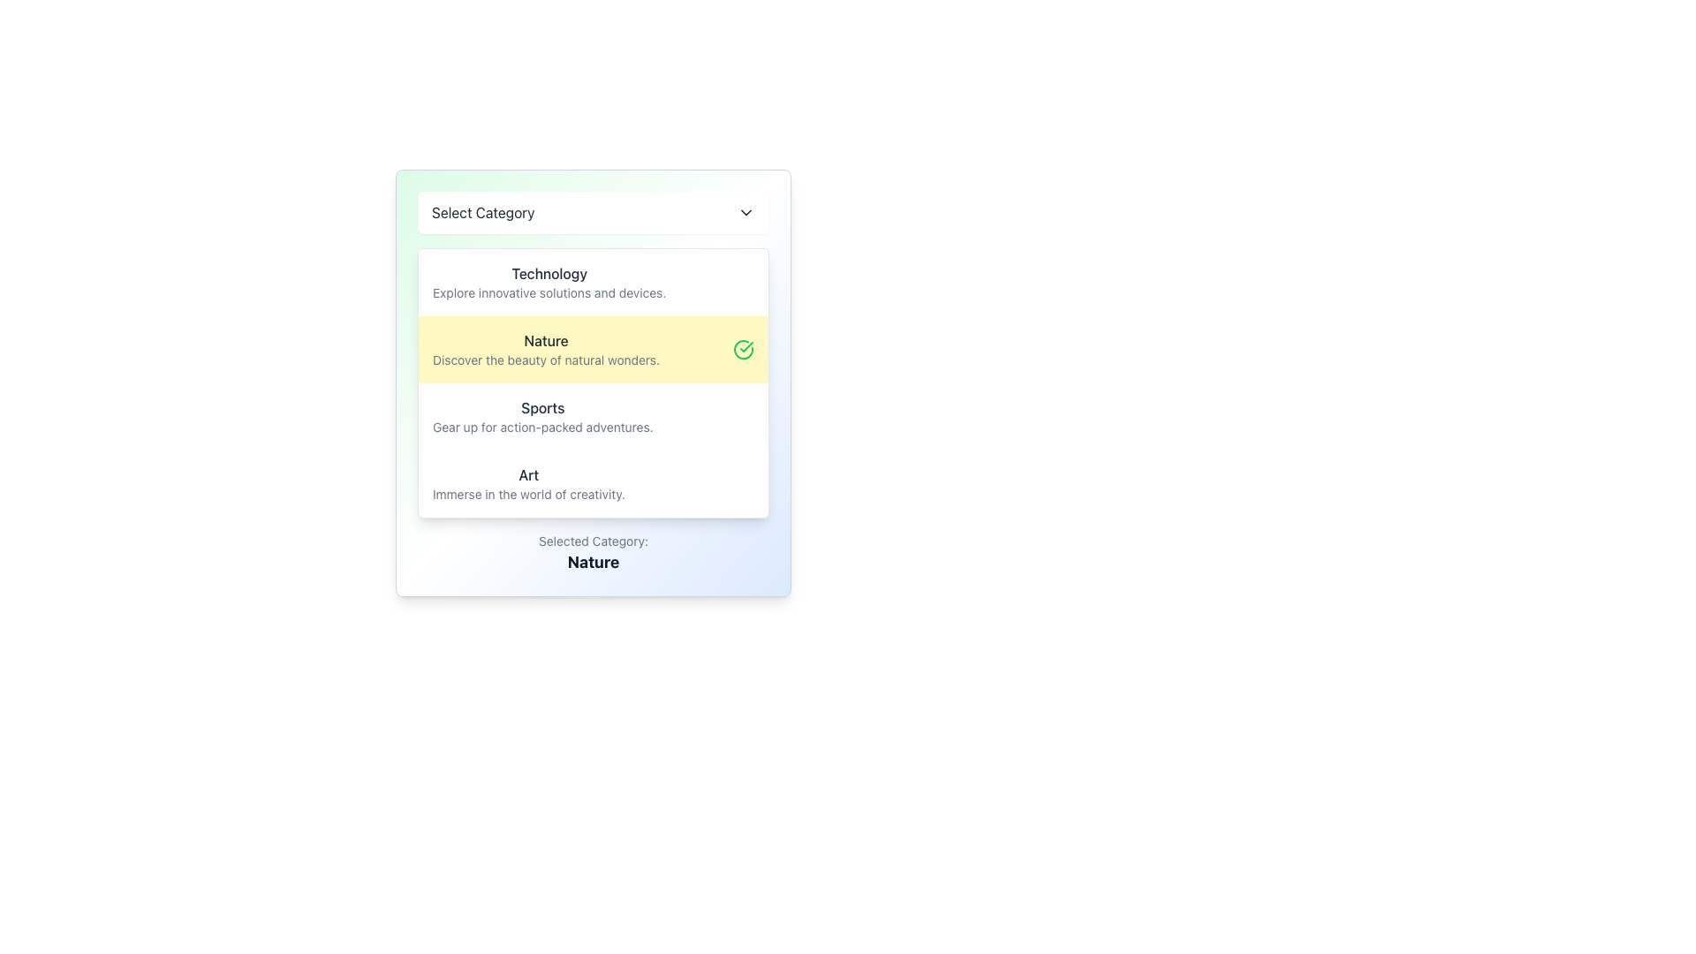  I want to click on to select the 'Nature' category from the dropdown list, which is the second option under 'Select Category' and displays bold text on a pale yellow background, so click(545, 350).